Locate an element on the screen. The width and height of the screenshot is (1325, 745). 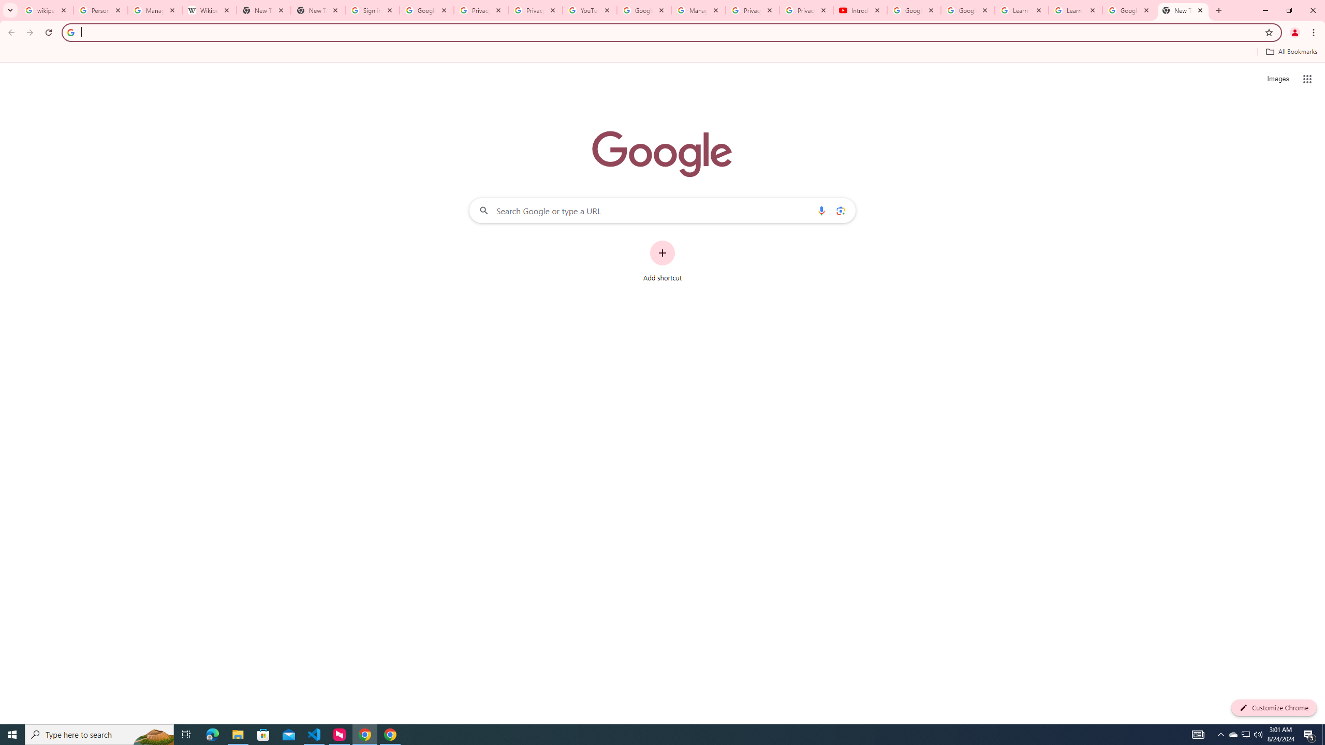
'Search for Images ' is located at coordinates (1278, 79).